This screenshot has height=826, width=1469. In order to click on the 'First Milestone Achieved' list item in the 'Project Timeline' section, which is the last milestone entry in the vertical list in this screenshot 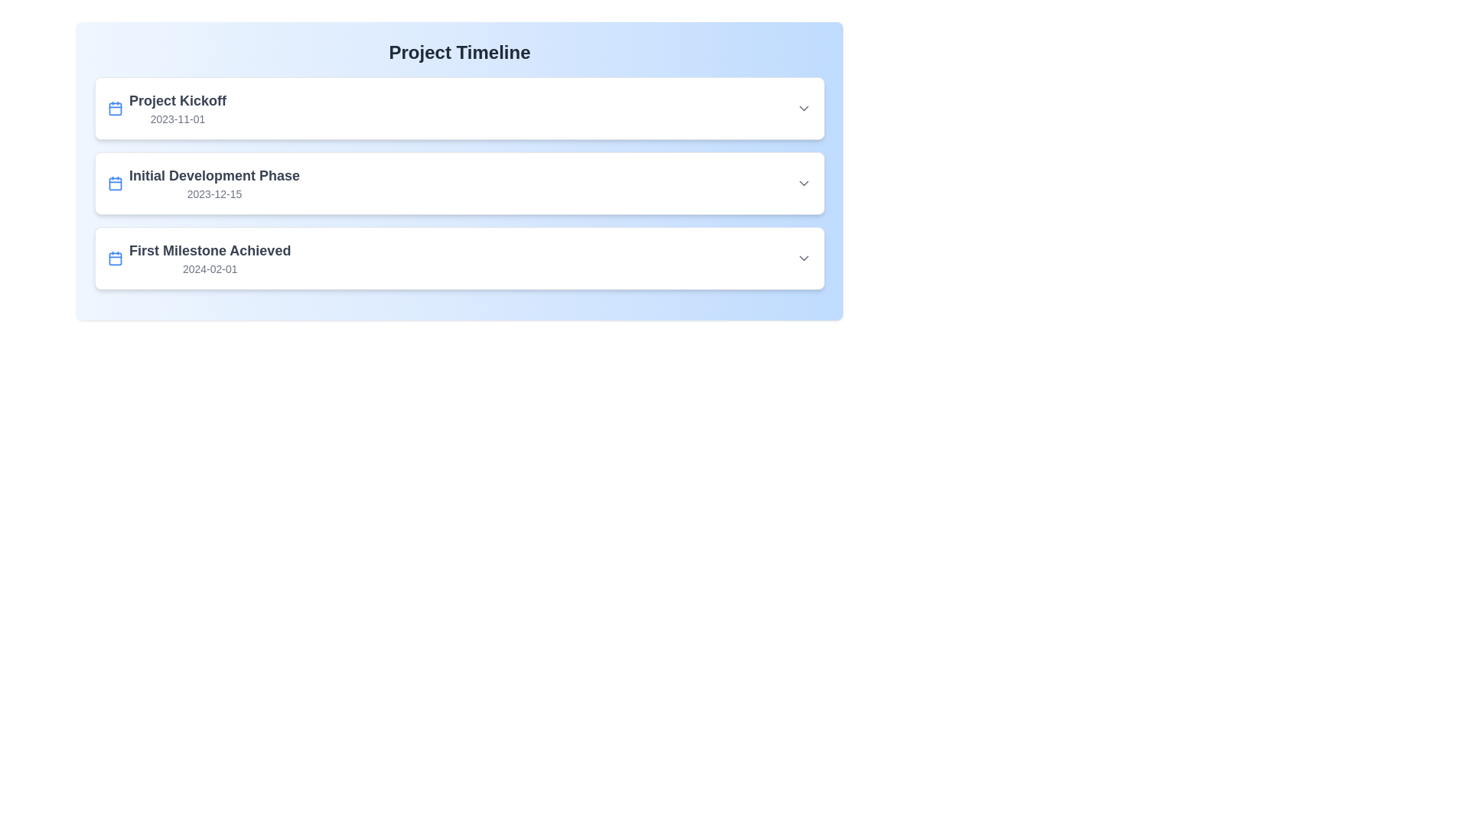, I will do `click(198, 258)`.